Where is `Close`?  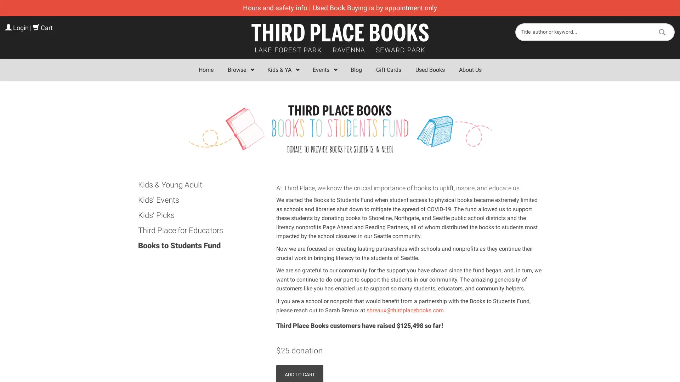
Close is located at coordinates (443, 104).